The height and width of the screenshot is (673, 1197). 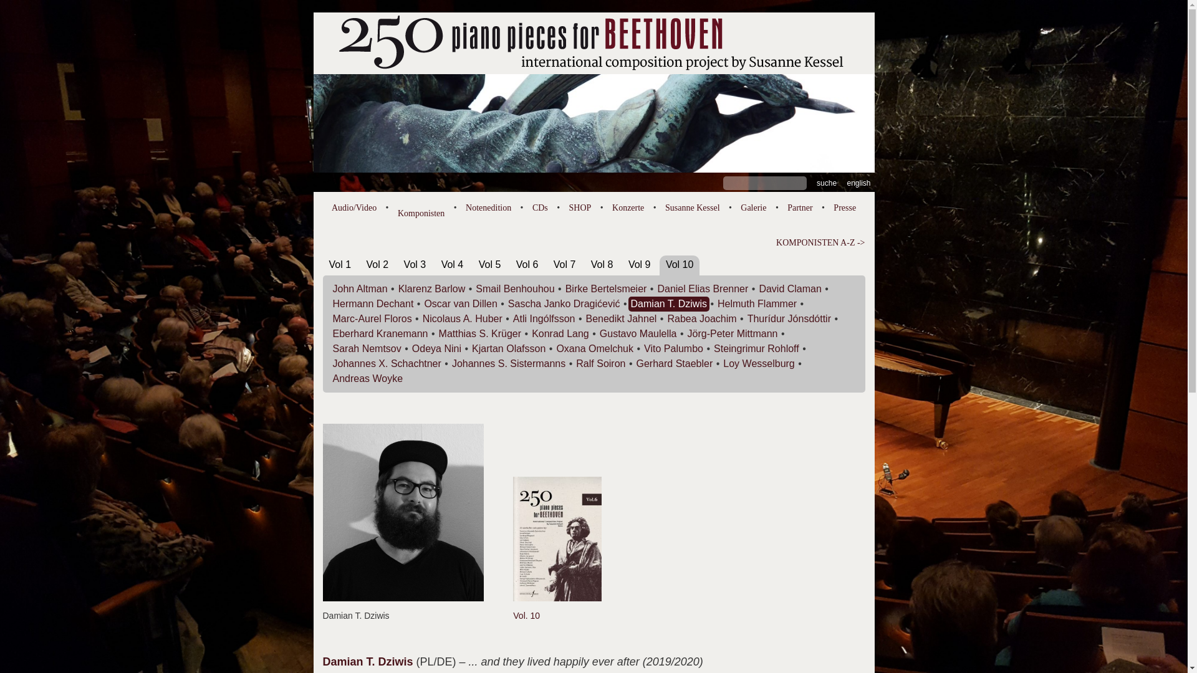 What do you see at coordinates (441, 264) in the screenshot?
I see `'Vol 4'` at bounding box center [441, 264].